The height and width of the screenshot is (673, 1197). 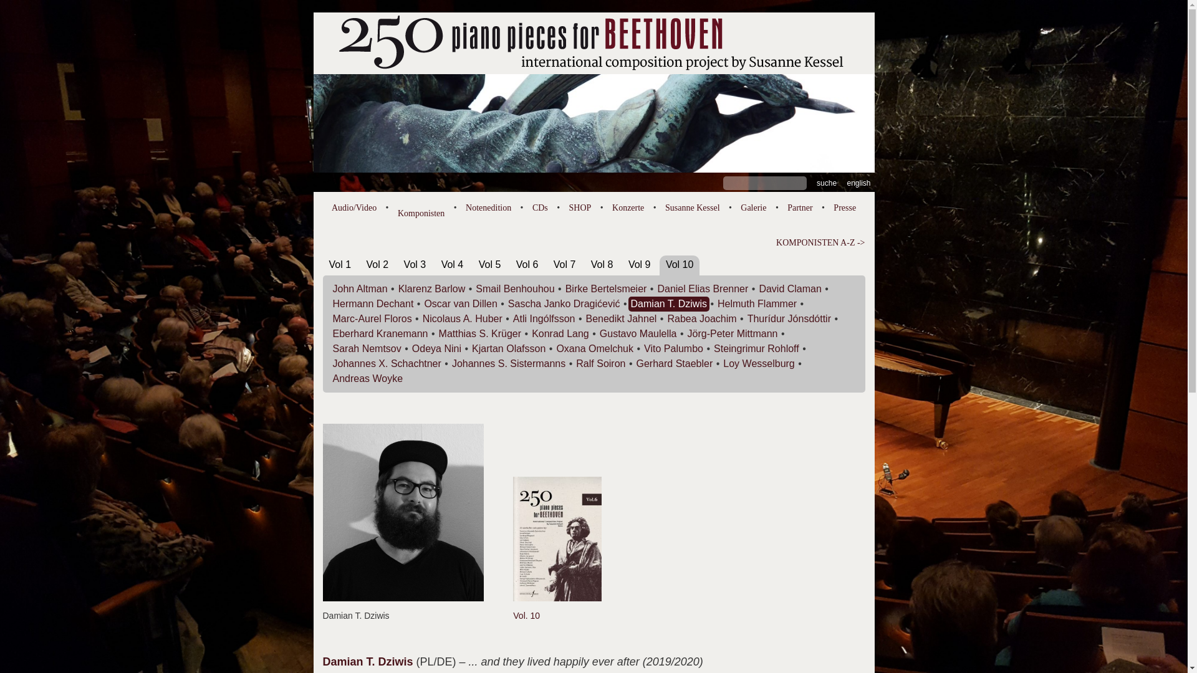 What do you see at coordinates (441, 264) in the screenshot?
I see `'Vol 4'` at bounding box center [441, 264].